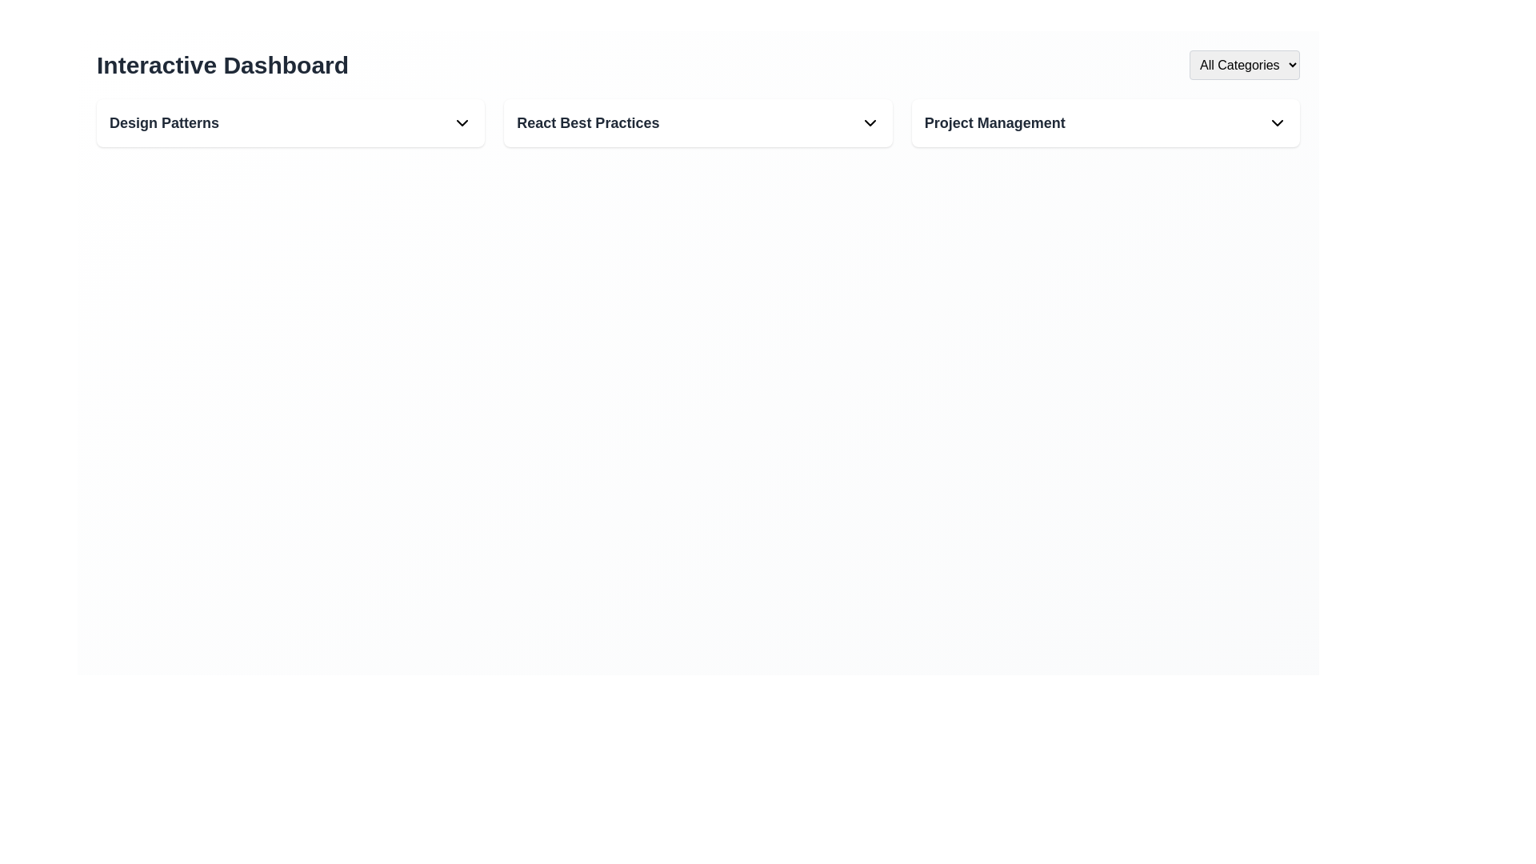 This screenshot has height=864, width=1536. What do you see at coordinates (587, 122) in the screenshot?
I see `the text label displaying 'React Best Practices' which is positioned at the top-center of the interface between 'Design Patterns' and 'Project Management'` at bounding box center [587, 122].